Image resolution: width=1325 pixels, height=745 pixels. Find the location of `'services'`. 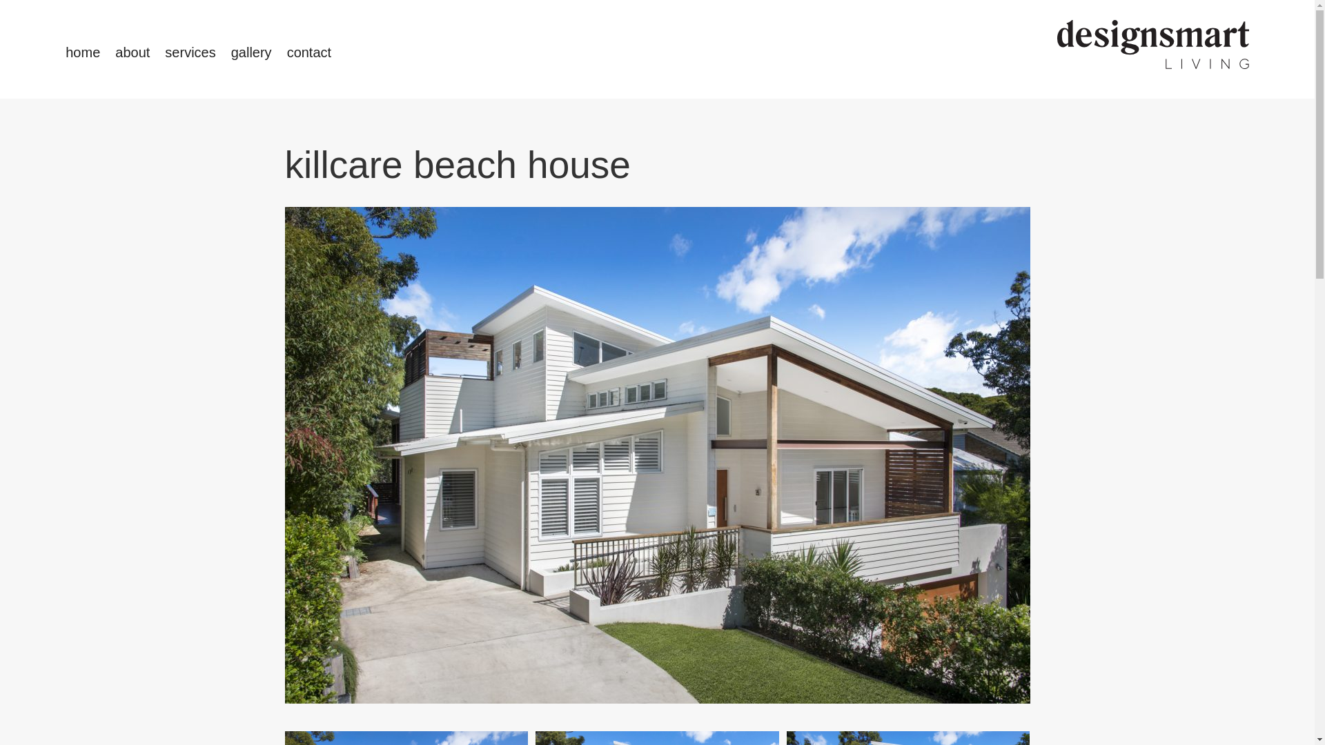

'services' is located at coordinates (189, 52).